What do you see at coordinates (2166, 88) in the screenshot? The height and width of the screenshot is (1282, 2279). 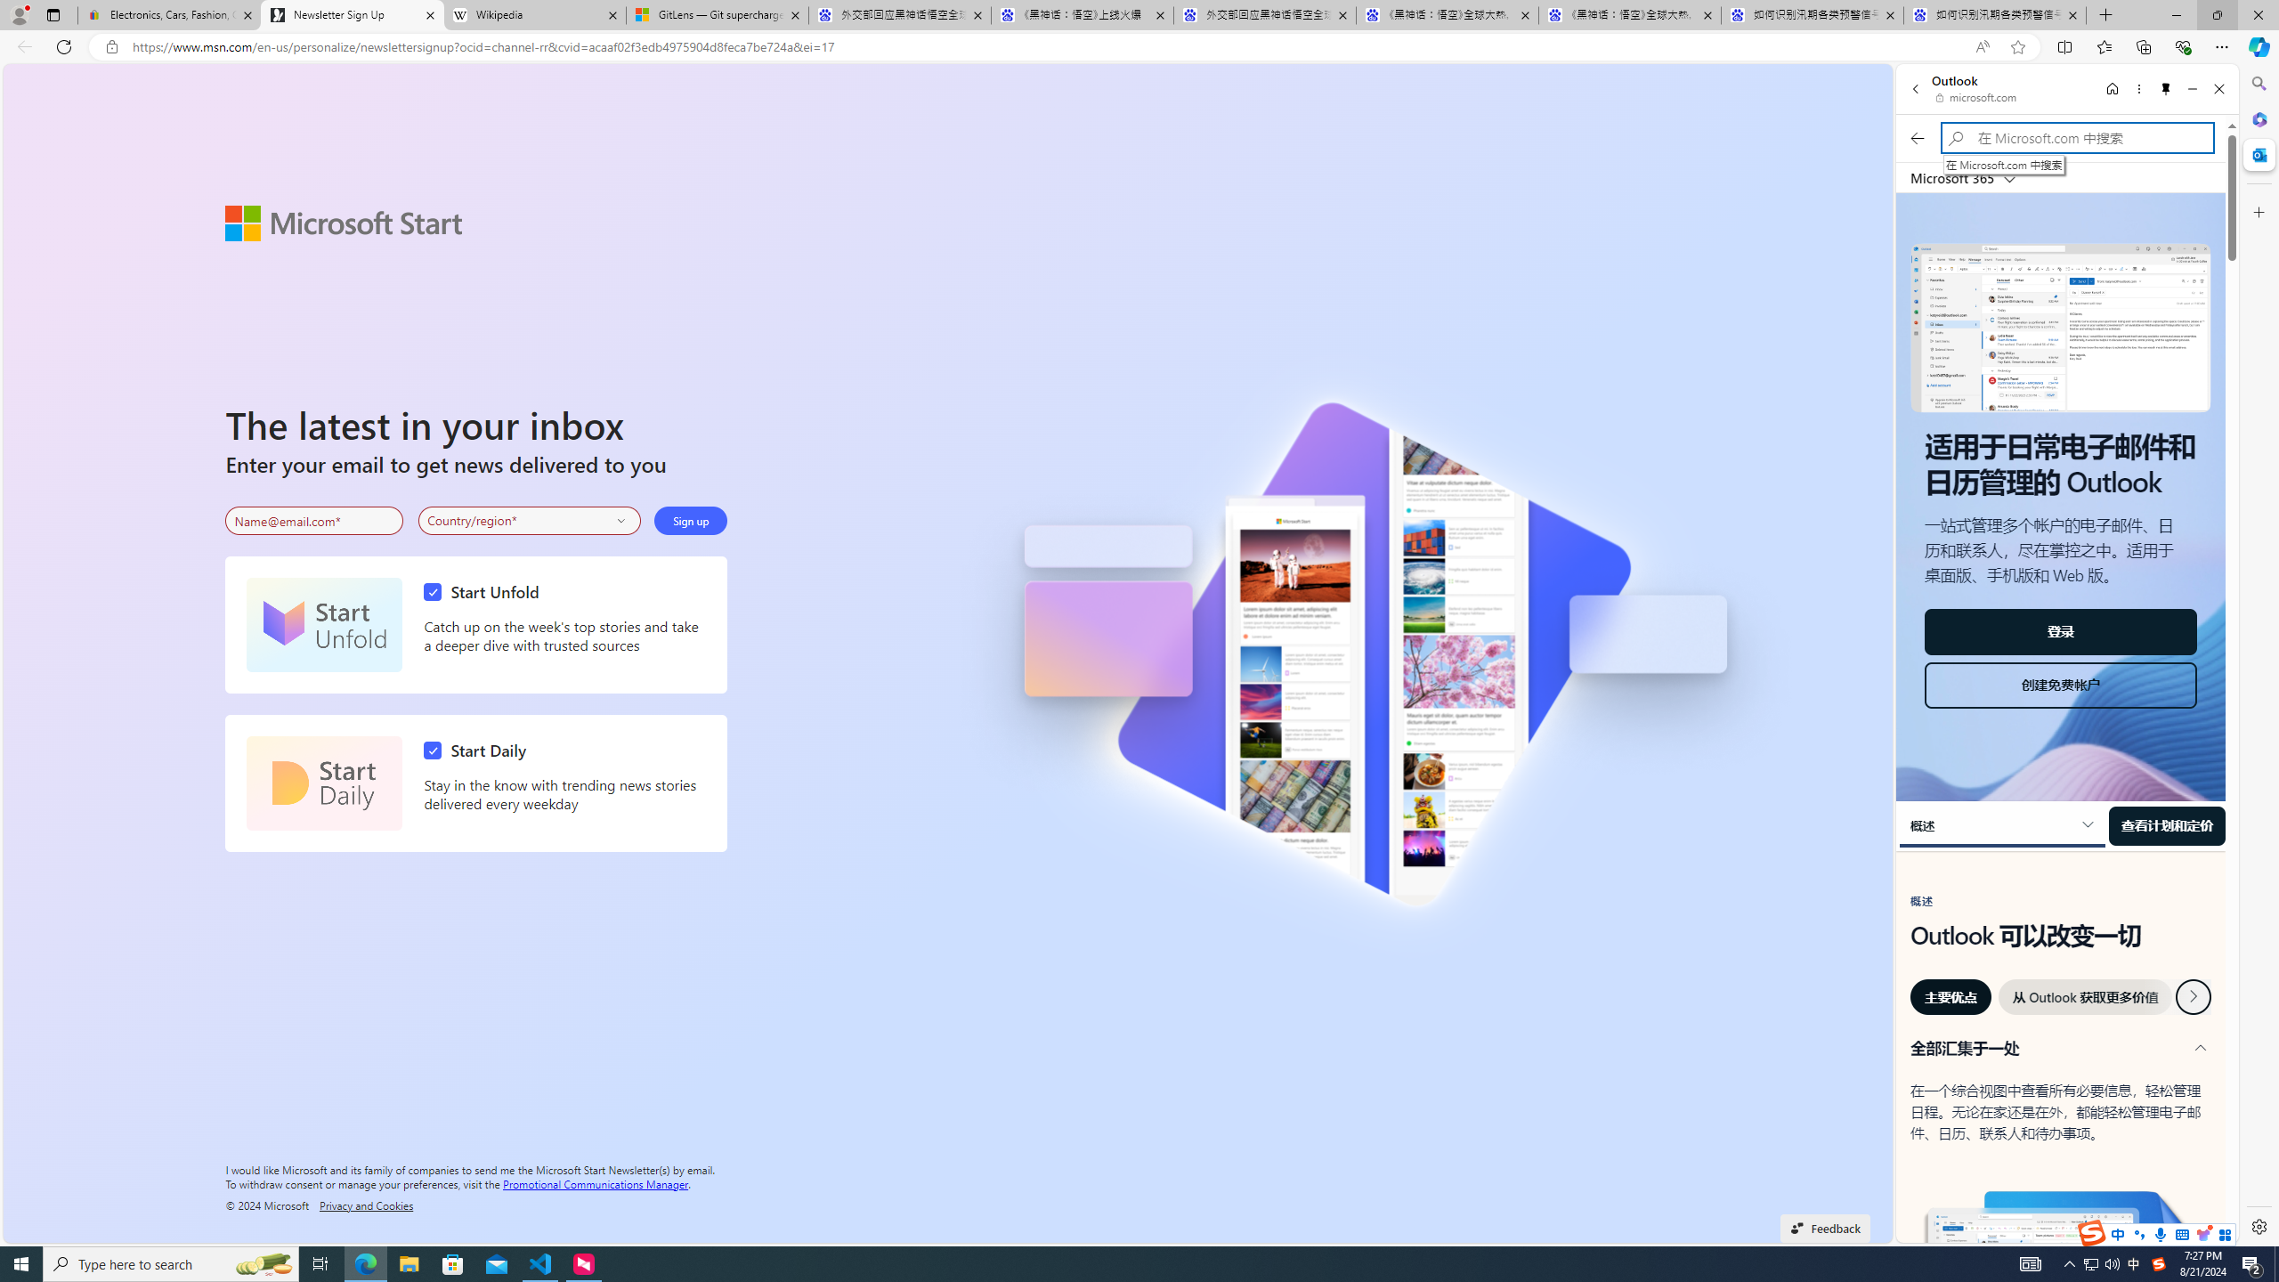 I see `'Unpin side pane'` at bounding box center [2166, 88].